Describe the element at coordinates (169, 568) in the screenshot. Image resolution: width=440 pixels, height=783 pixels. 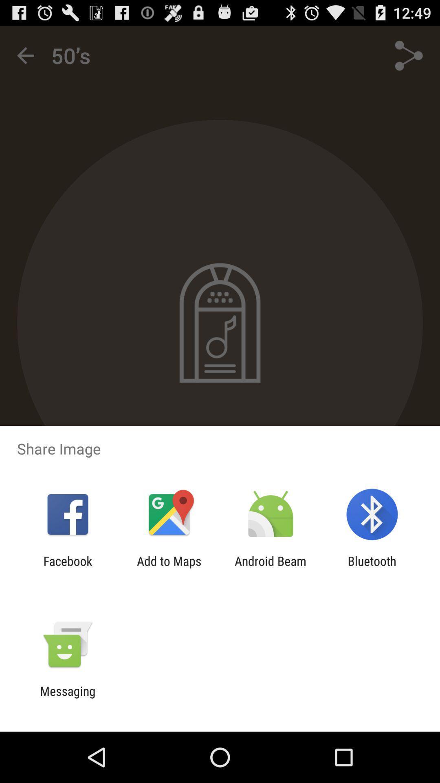
I see `add to maps icon` at that location.